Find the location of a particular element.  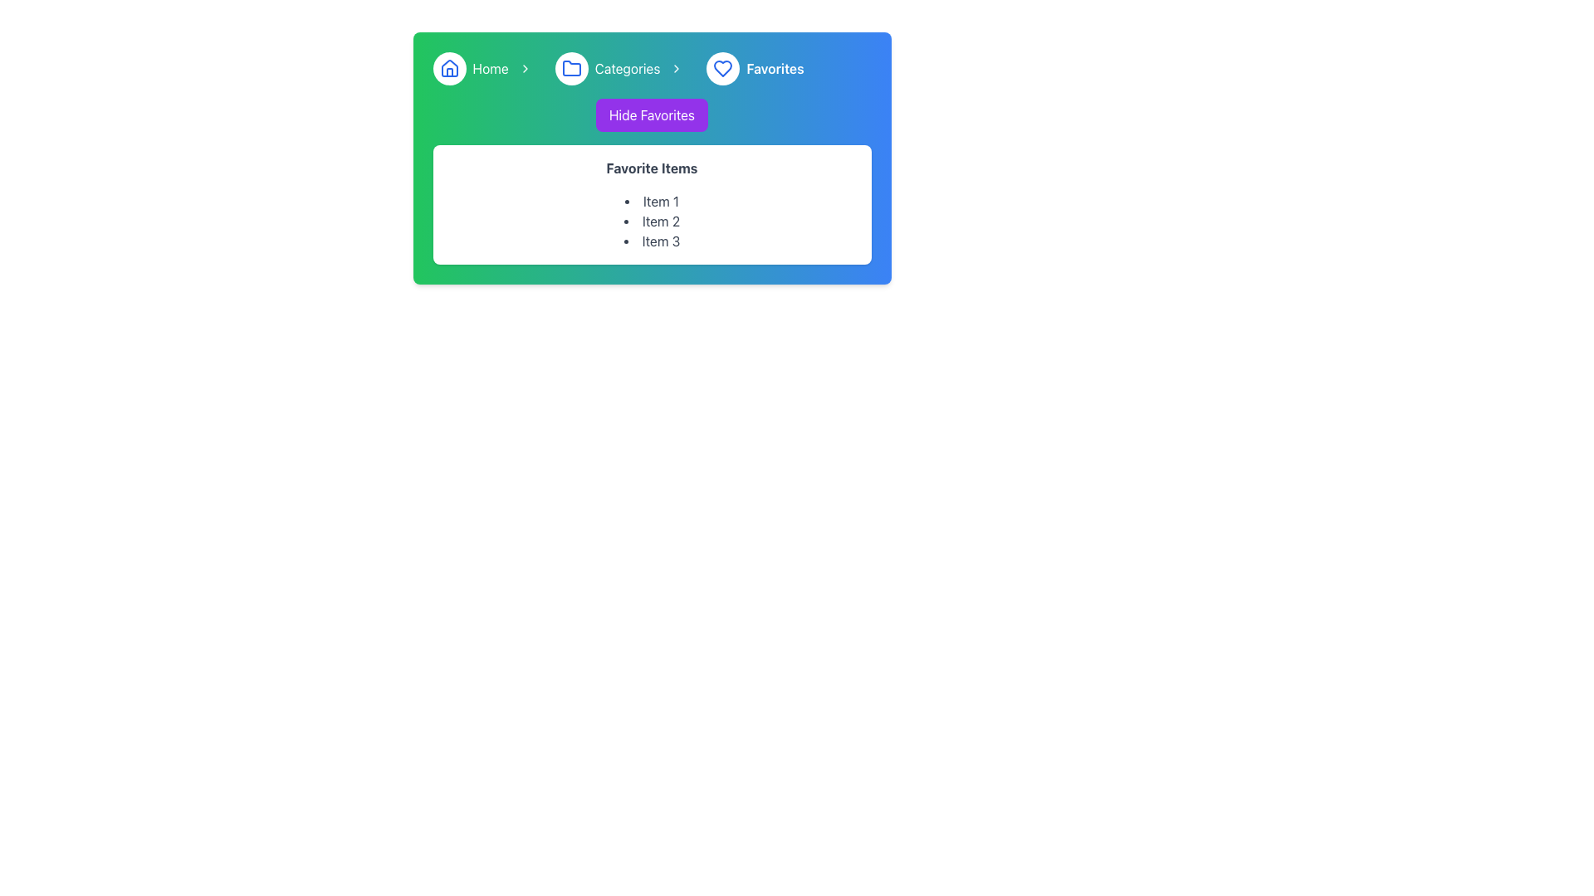

the 'Home' text link in the navigation menu is located at coordinates (489, 68).